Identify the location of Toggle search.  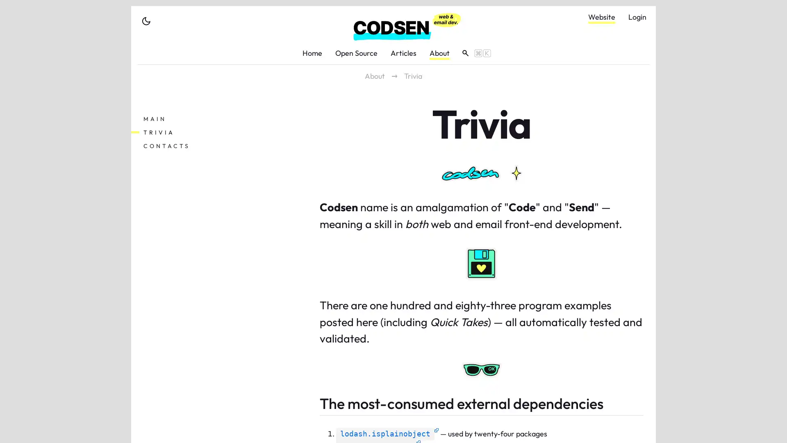
(473, 53).